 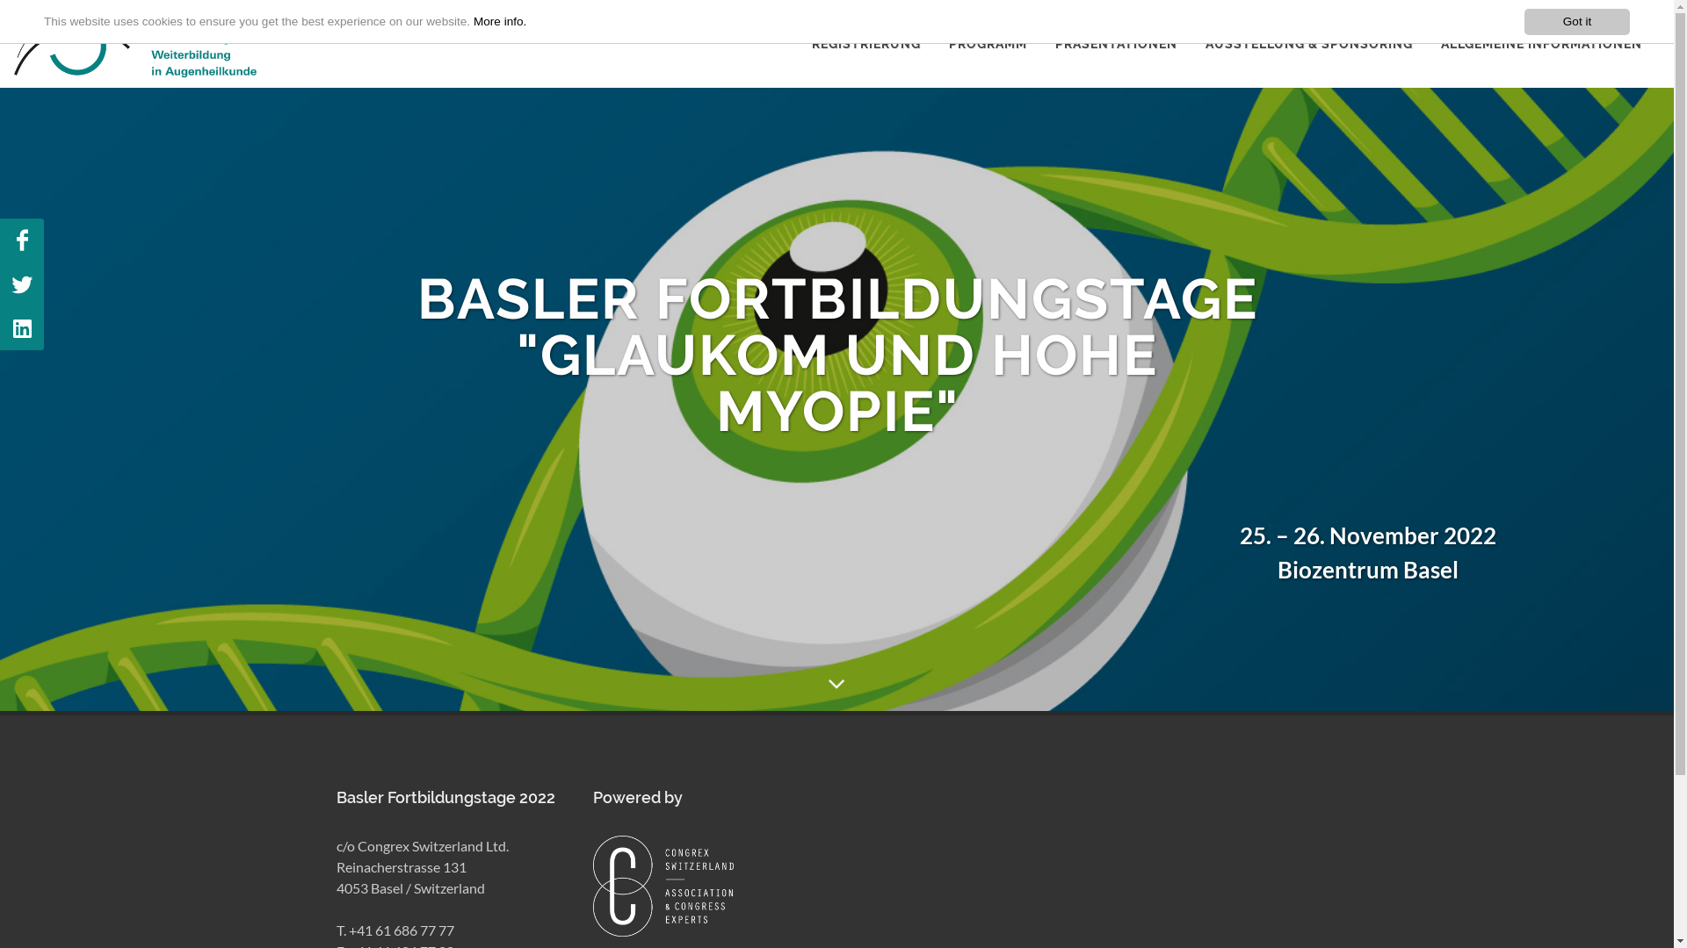 What do you see at coordinates (1192, 43) in the screenshot?
I see `'AUSSTELLUNG & SPONSORING'` at bounding box center [1192, 43].